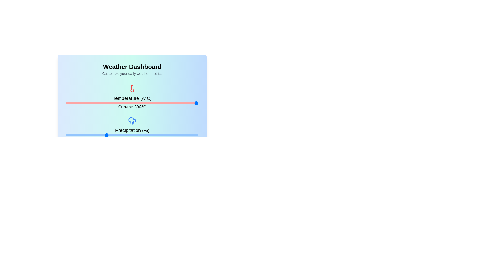  Describe the element at coordinates (108, 135) in the screenshot. I see `precipitation` at that location.